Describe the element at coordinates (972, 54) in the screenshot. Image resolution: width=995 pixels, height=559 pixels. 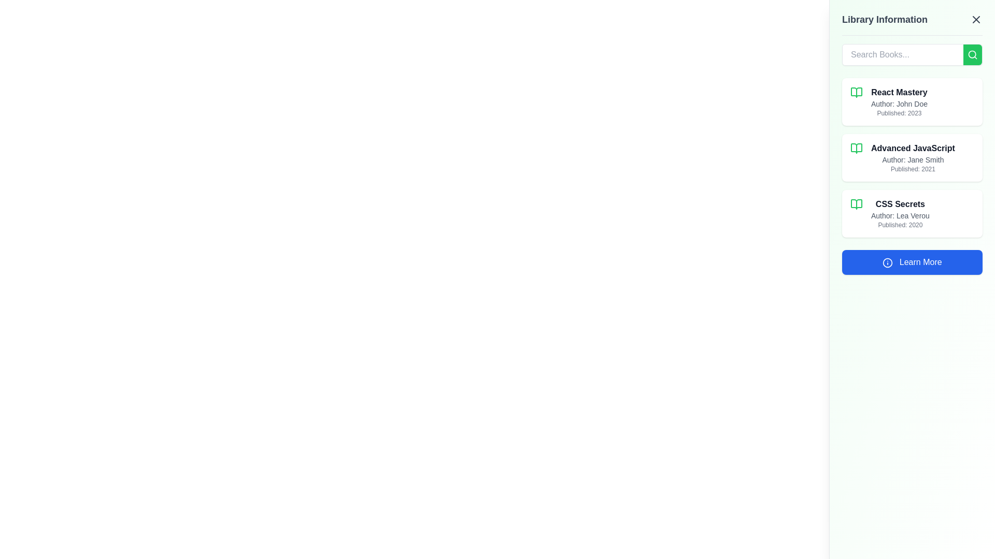
I see `the Icon button located to the right of the 'Search Books...' text input field, which submits the search query` at that location.